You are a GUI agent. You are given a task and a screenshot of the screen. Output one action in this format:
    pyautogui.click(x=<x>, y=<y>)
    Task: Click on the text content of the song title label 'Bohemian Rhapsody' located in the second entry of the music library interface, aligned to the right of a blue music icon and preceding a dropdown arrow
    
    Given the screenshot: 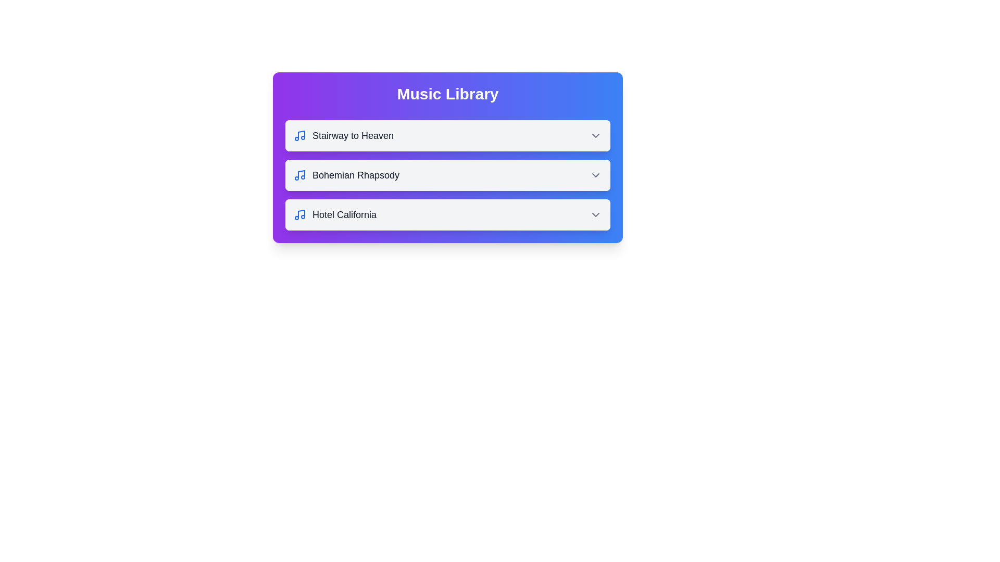 What is the action you would take?
    pyautogui.click(x=356, y=174)
    